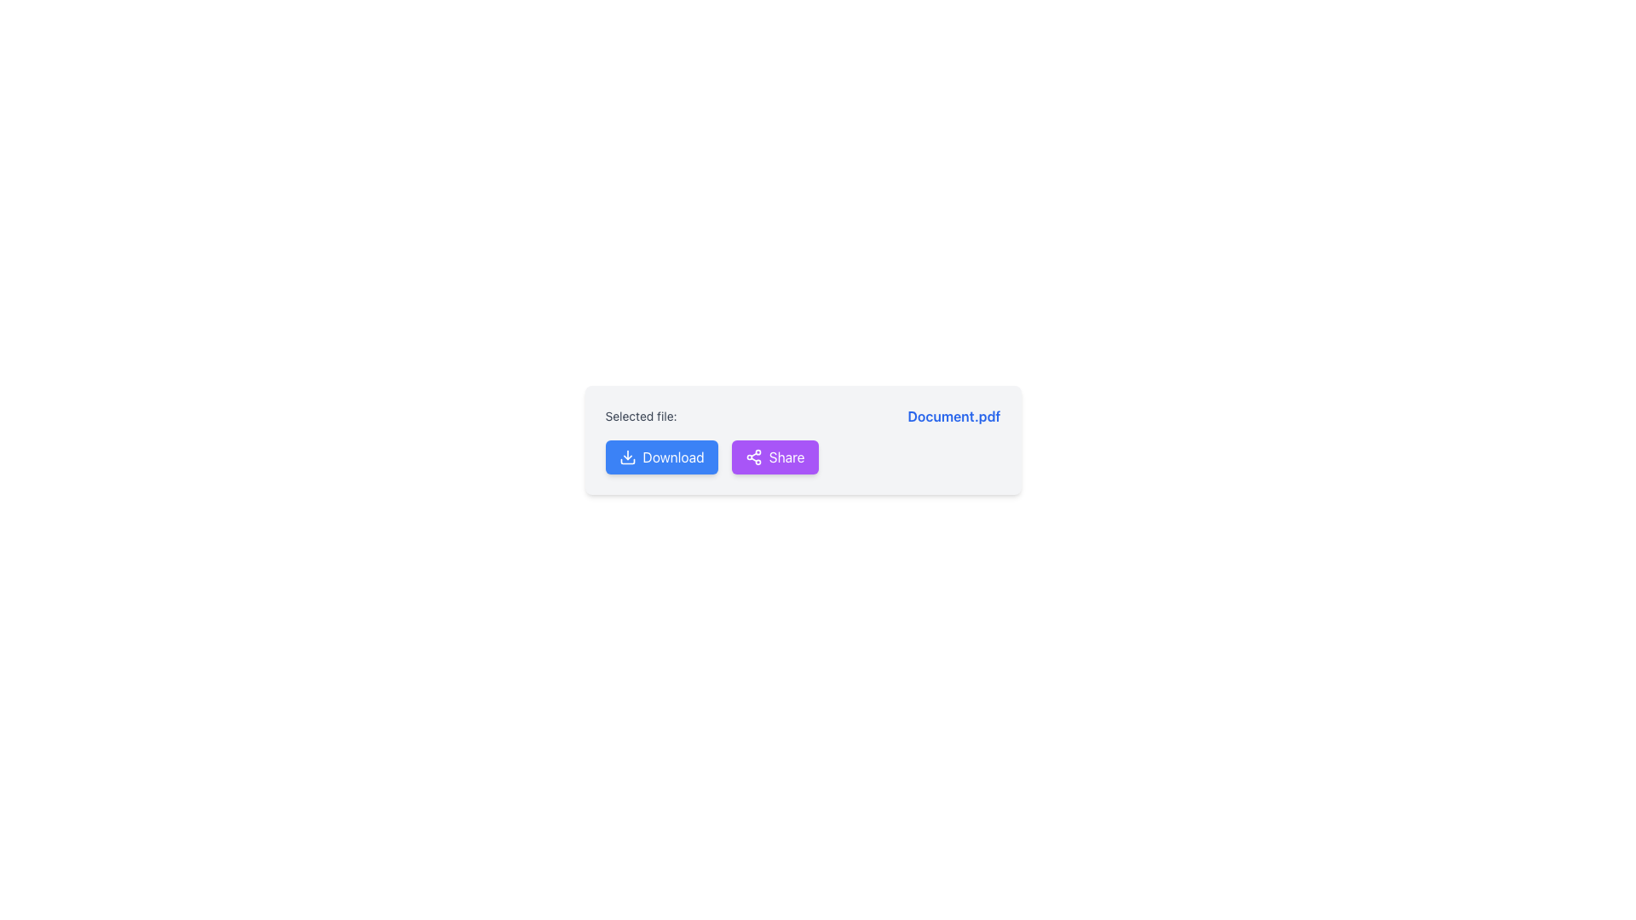 This screenshot has width=1636, height=920. Describe the element at coordinates (626, 456) in the screenshot. I see `the download icon, which is an outlined icon with a downward-facing arrow located to the left of the 'Download' text on the blue button` at that location.